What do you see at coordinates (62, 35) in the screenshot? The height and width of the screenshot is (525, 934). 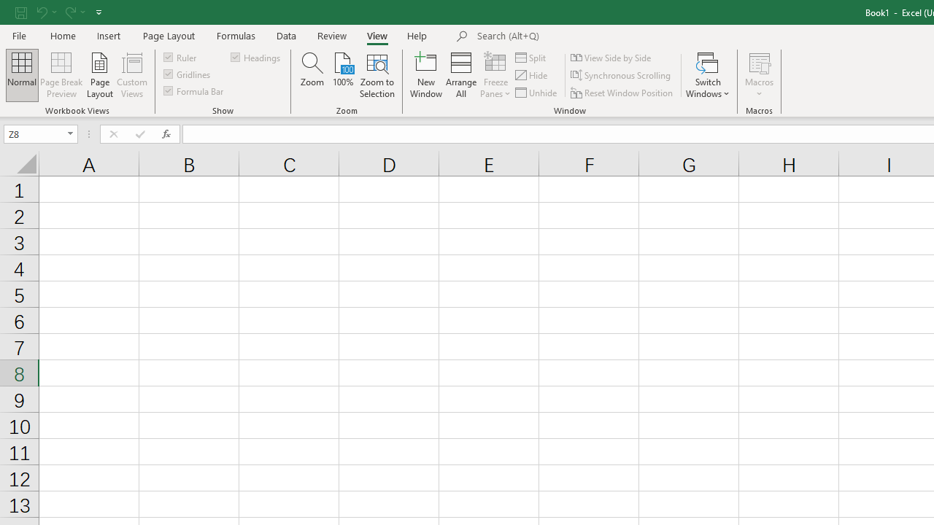 I see `'Home'` at bounding box center [62, 35].